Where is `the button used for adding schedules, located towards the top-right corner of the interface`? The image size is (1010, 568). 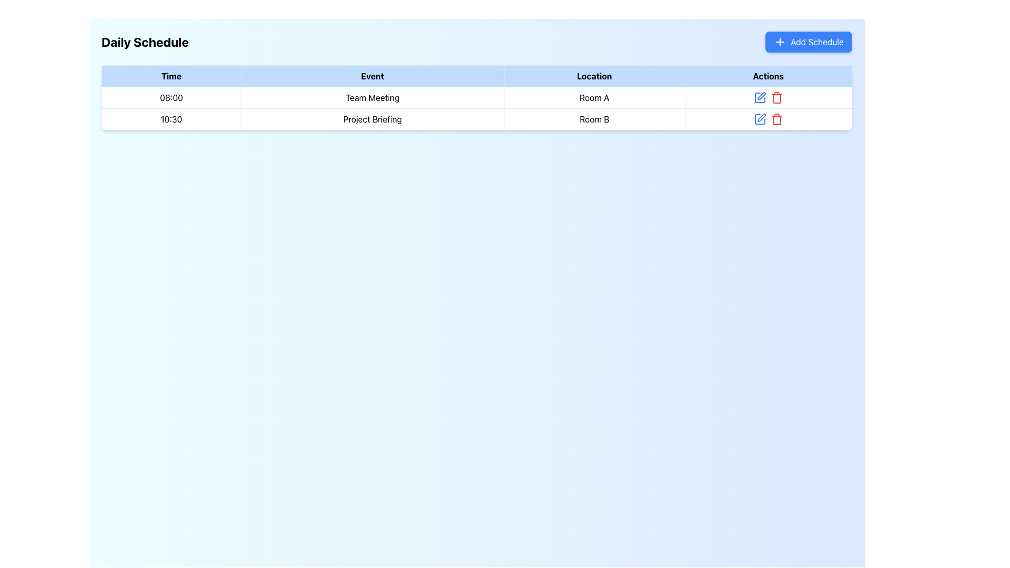 the button used for adding schedules, located towards the top-right corner of the interface is located at coordinates (808, 42).